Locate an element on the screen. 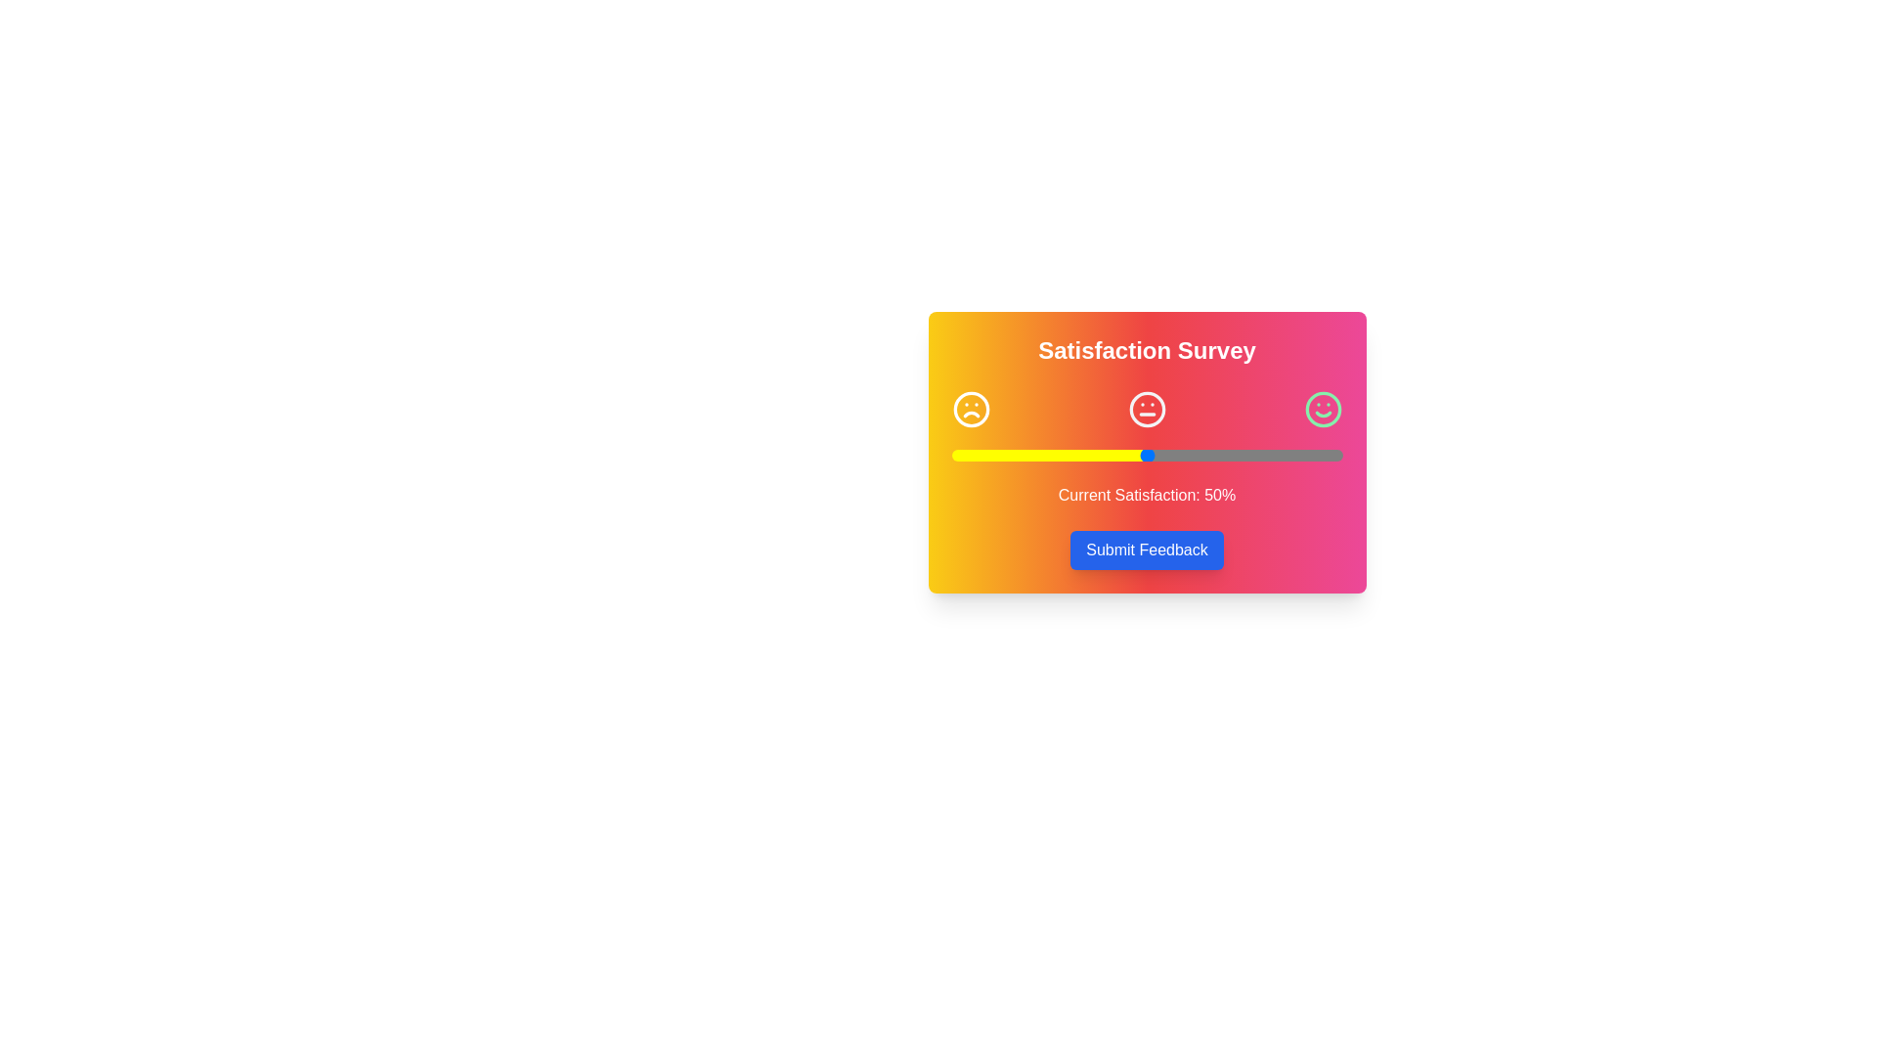 This screenshot has height=1056, width=1877. the slider to 2% satisfaction is located at coordinates (959, 456).